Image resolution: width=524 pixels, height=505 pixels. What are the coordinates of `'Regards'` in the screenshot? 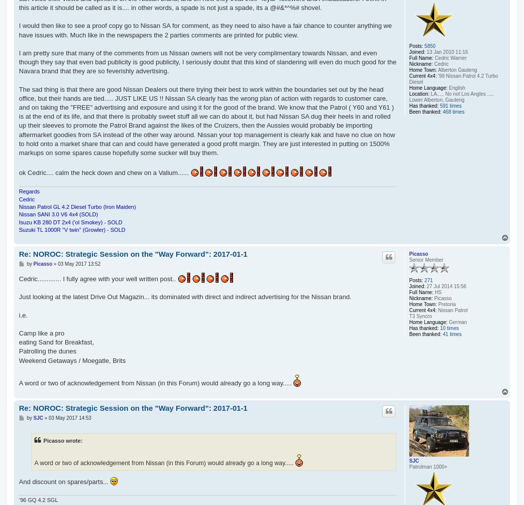 It's located at (28, 191).